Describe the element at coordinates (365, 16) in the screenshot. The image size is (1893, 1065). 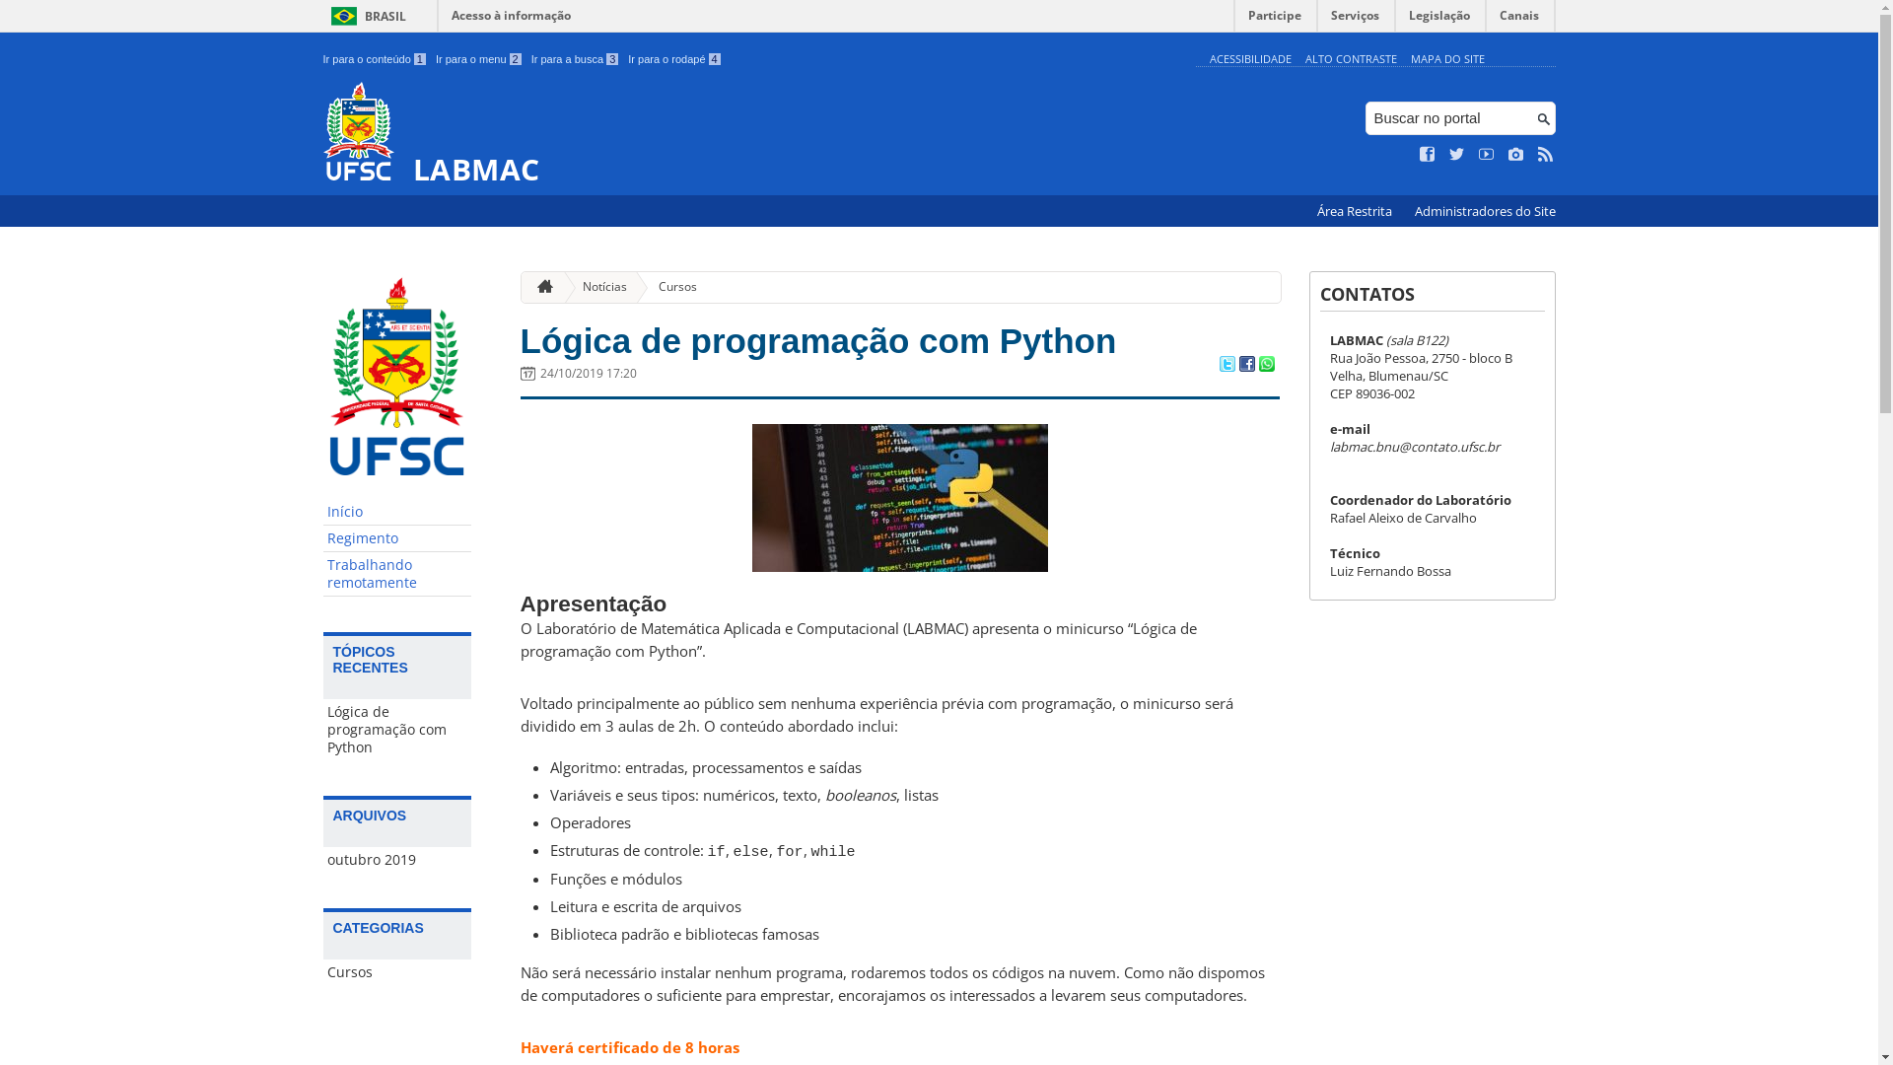
I see `'BRASIL'` at that location.